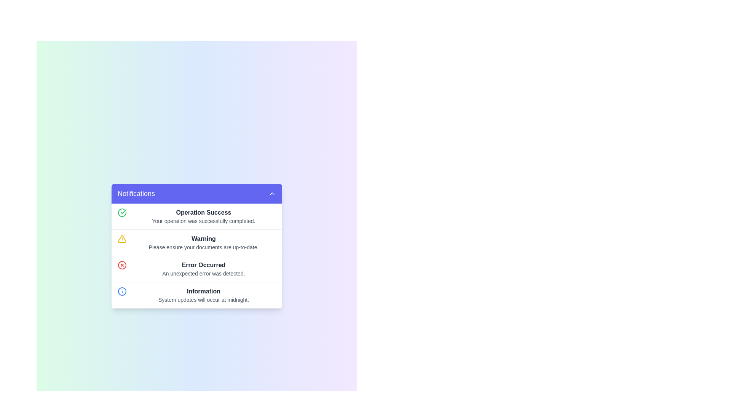 This screenshot has height=411, width=731. I want to click on the first notification item in the notifications panel to acknowledge the successful operation, so click(197, 217).